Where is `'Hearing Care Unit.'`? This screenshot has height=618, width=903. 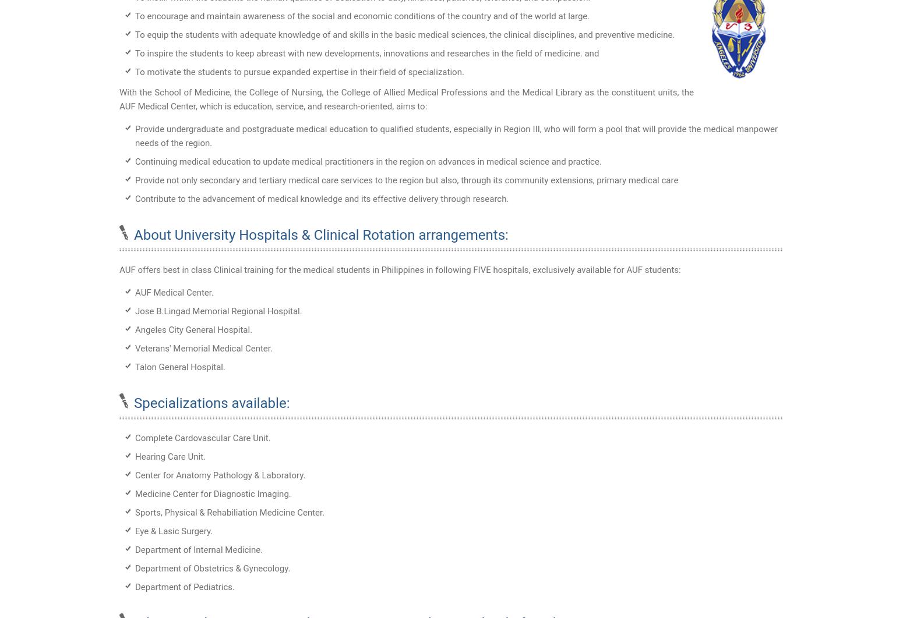 'Hearing Care Unit.' is located at coordinates (135, 457).